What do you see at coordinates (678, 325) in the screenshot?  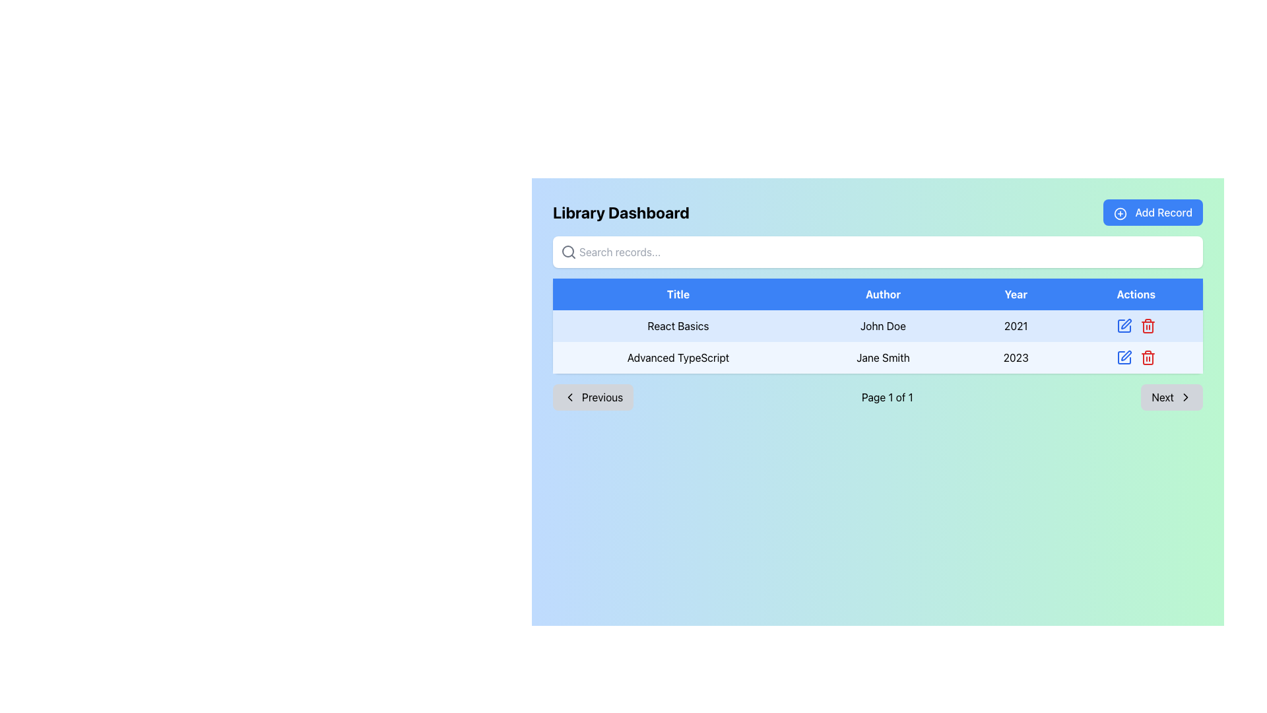 I see `the text label displaying 'React Basics'` at bounding box center [678, 325].